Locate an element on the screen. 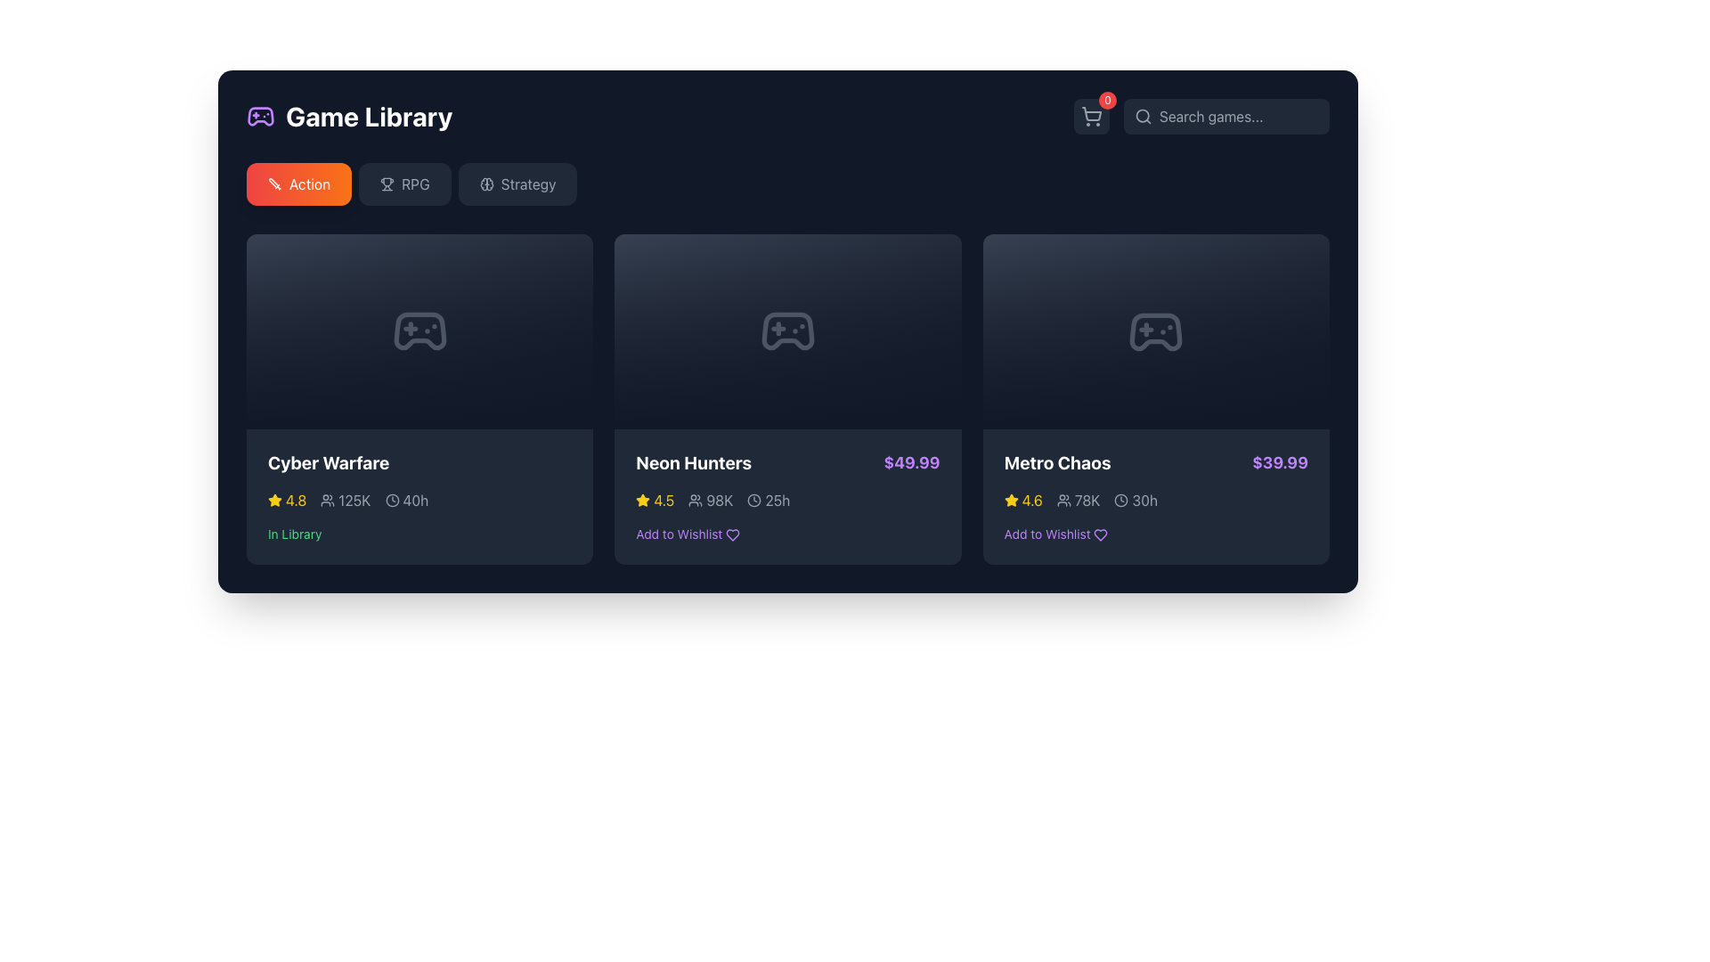 The width and height of the screenshot is (1710, 962). the static text displaying the user-related statistic for 'Neon Hunters' is located at coordinates (720, 501).